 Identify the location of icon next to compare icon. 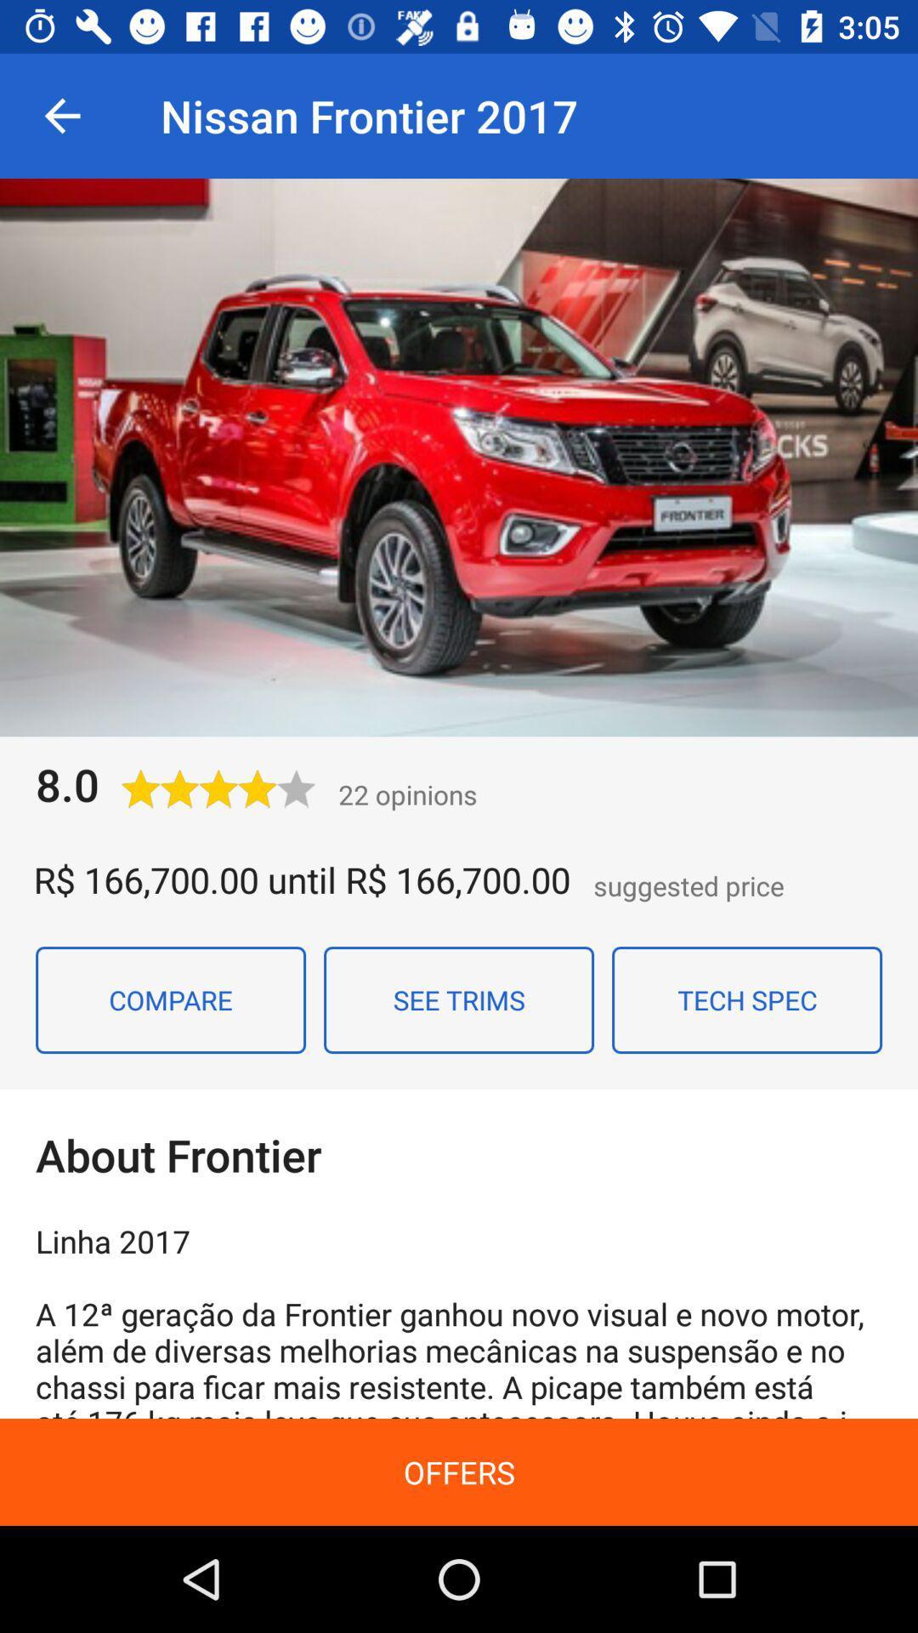
(459, 1000).